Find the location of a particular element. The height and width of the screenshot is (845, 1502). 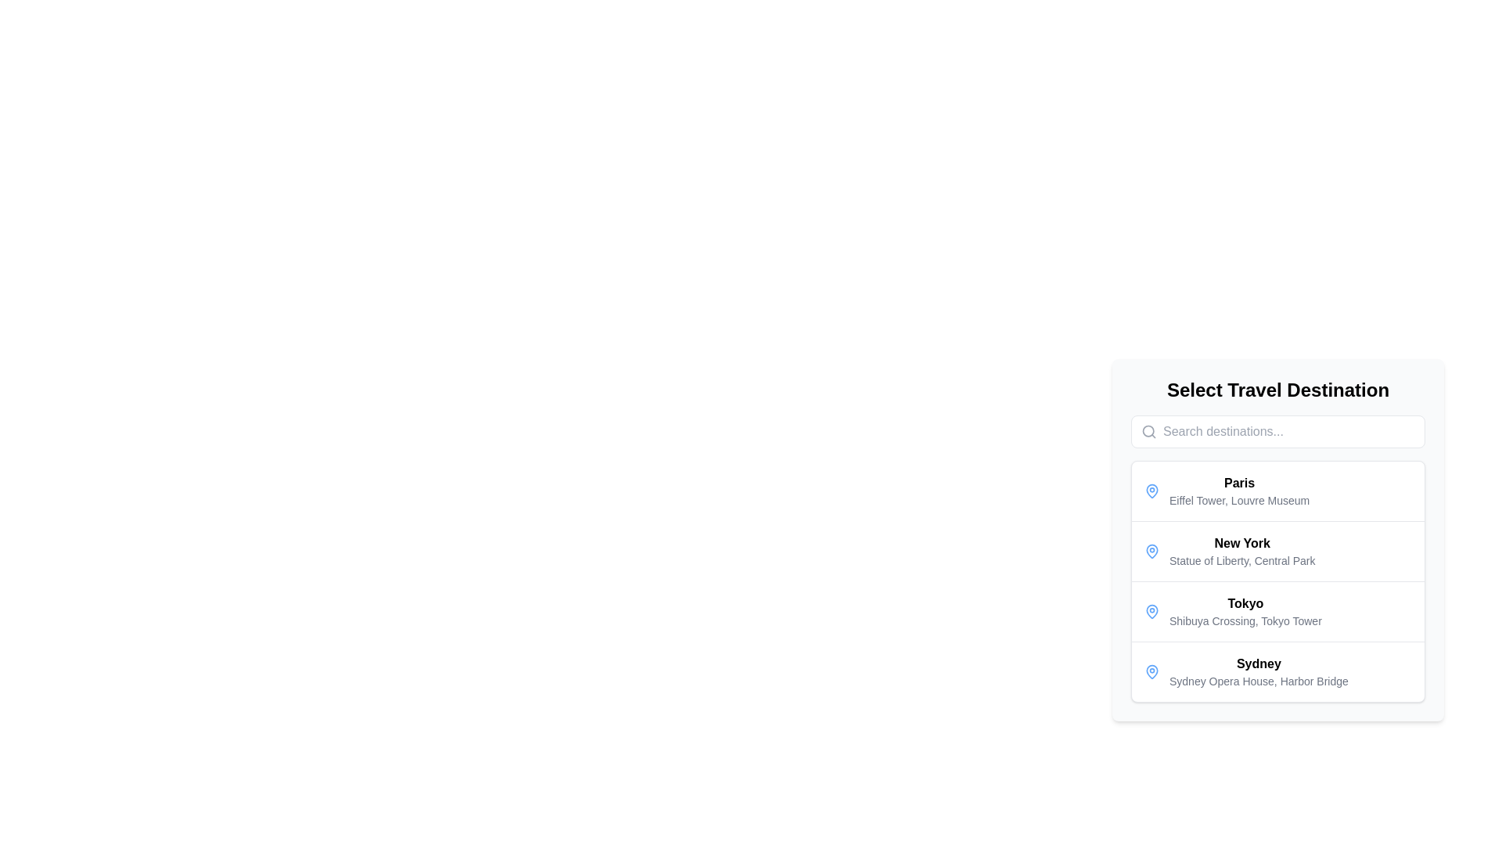

descriptive text label associated with the destination 'Paris', which lists major attractions and is positioned below the 'Paris' text in the dialog box is located at coordinates (1238, 501).